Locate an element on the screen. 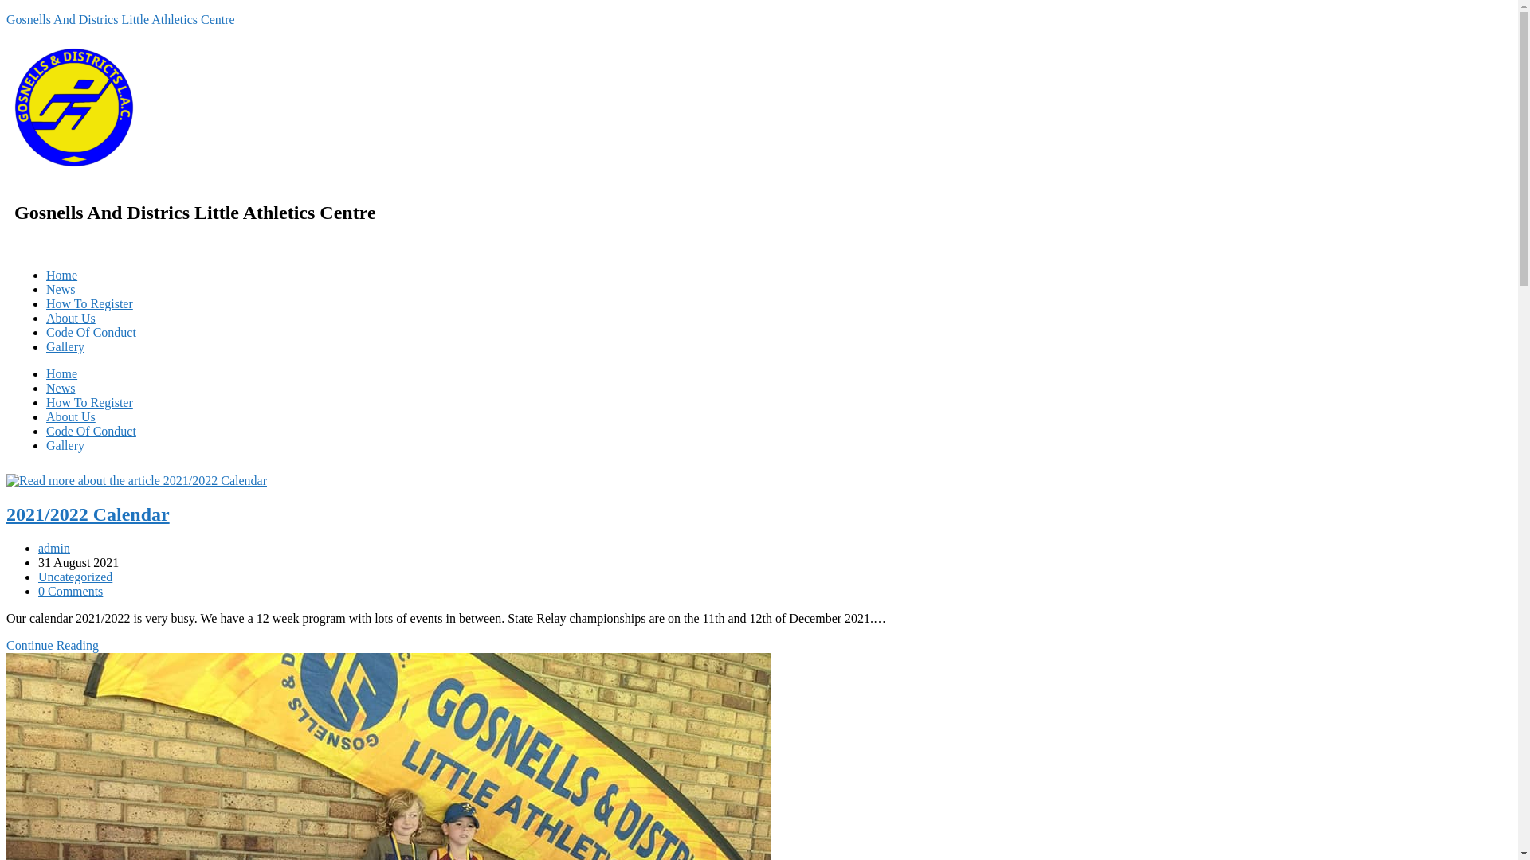 Image resolution: width=1530 pixels, height=860 pixels. 'About Us' is located at coordinates (70, 318).